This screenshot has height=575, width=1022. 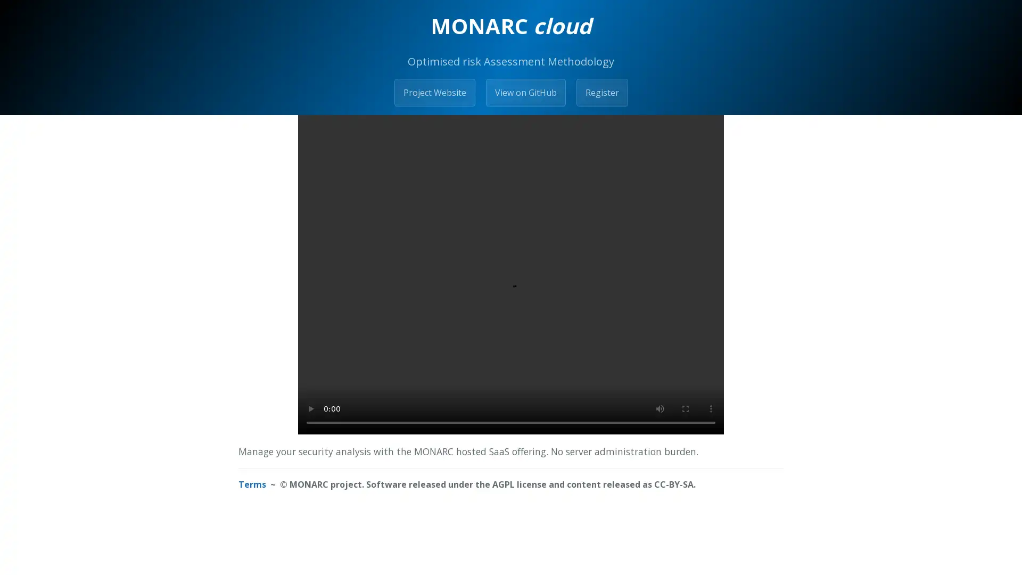 What do you see at coordinates (659, 408) in the screenshot?
I see `mute` at bounding box center [659, 408].